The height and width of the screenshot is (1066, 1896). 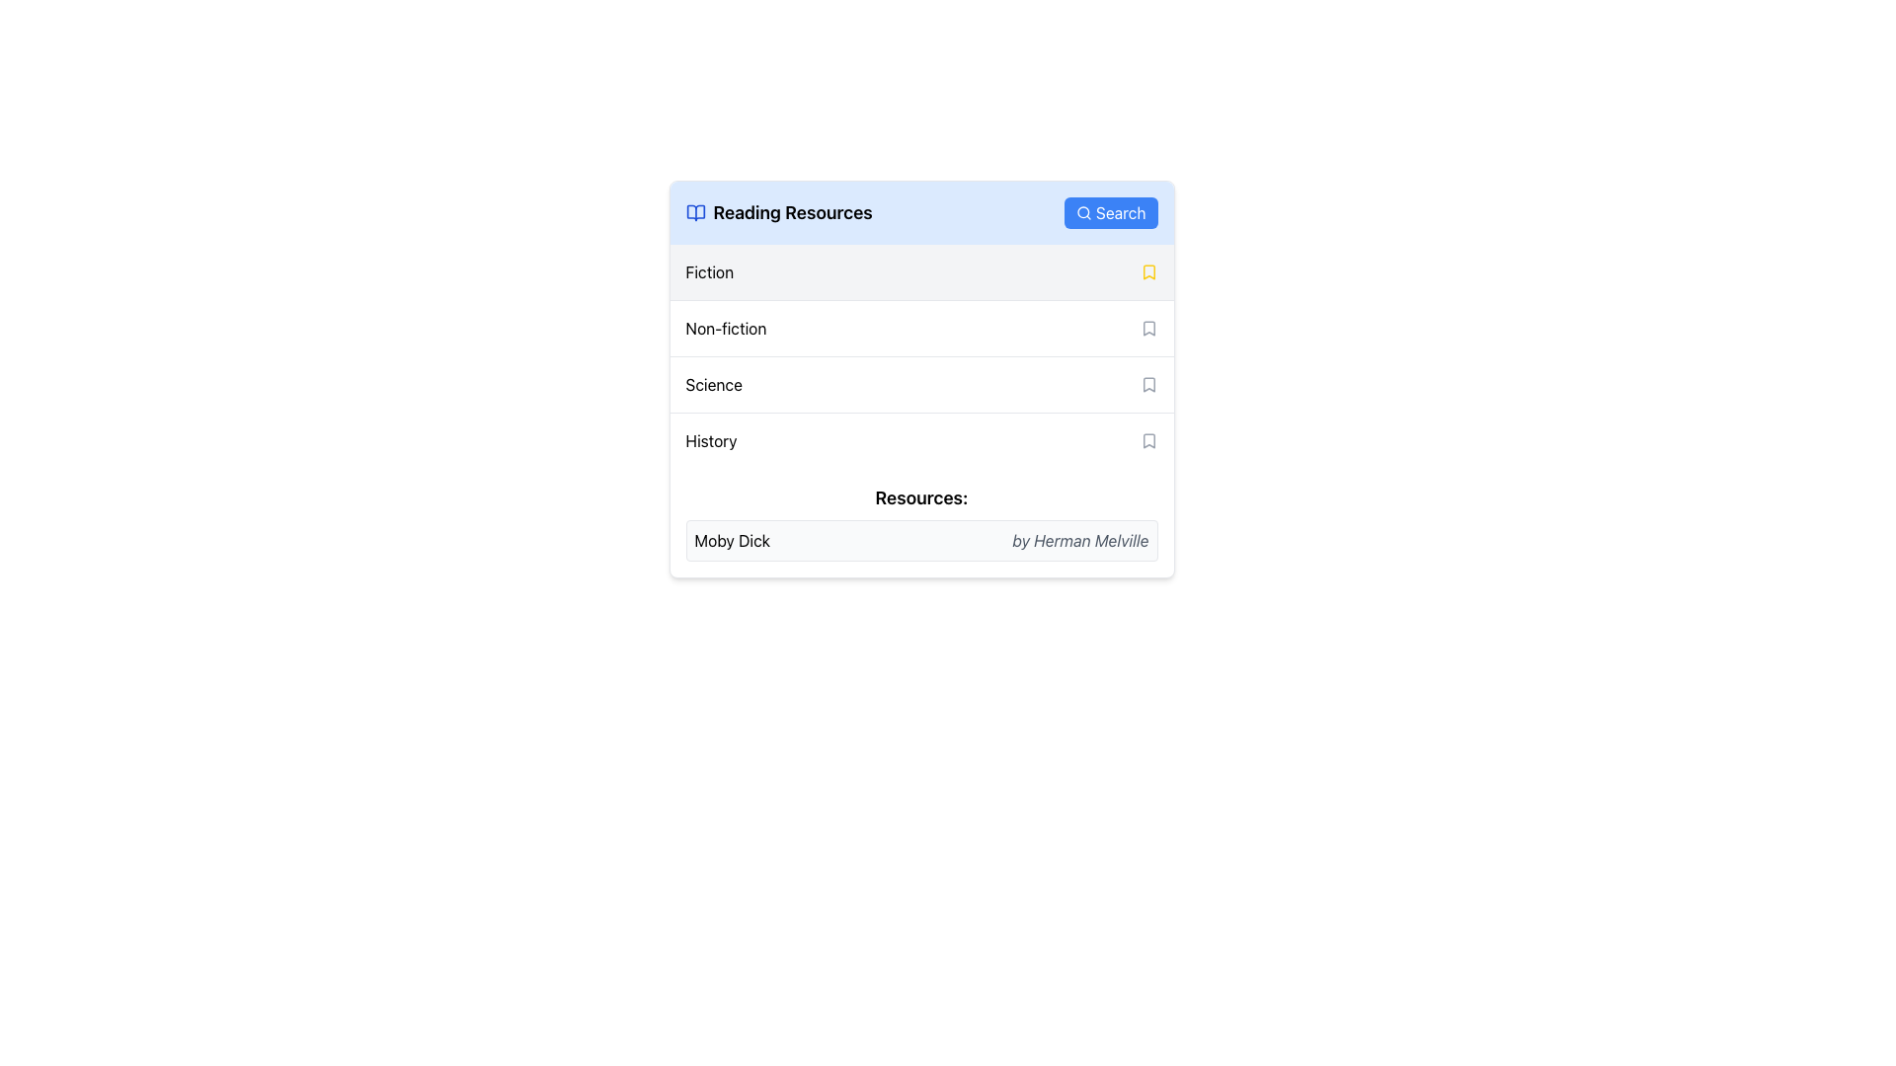 What do you see at coordinates (1148, 440) in the screenshot?
I see `the gray bookmark icon with rounded edges located in the 'History' row, positioned on the far right side of the row` at bounding box center [1148, 440].